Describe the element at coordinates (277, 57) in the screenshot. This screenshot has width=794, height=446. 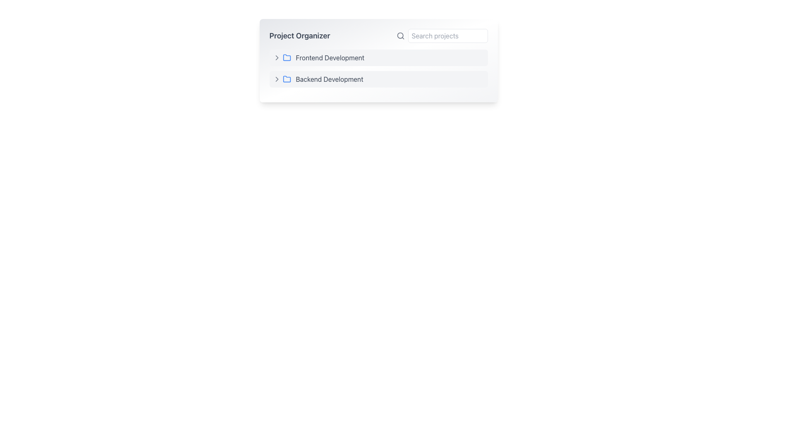
I see `the right-pointing chevron icon with a thin outline, located to the left of the 'Frontend Development' text` at that location.